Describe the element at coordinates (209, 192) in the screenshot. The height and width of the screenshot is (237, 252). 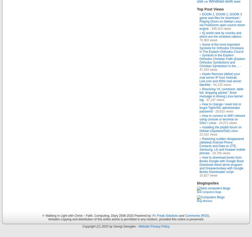
I see `'best computers blogs'` at that location.